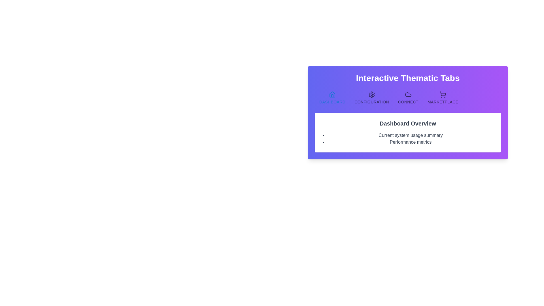  What do you see at coordinates (372, 94) in the screenshot?
I see `the 'Configuration' icon` at bounding box center [372, 94].